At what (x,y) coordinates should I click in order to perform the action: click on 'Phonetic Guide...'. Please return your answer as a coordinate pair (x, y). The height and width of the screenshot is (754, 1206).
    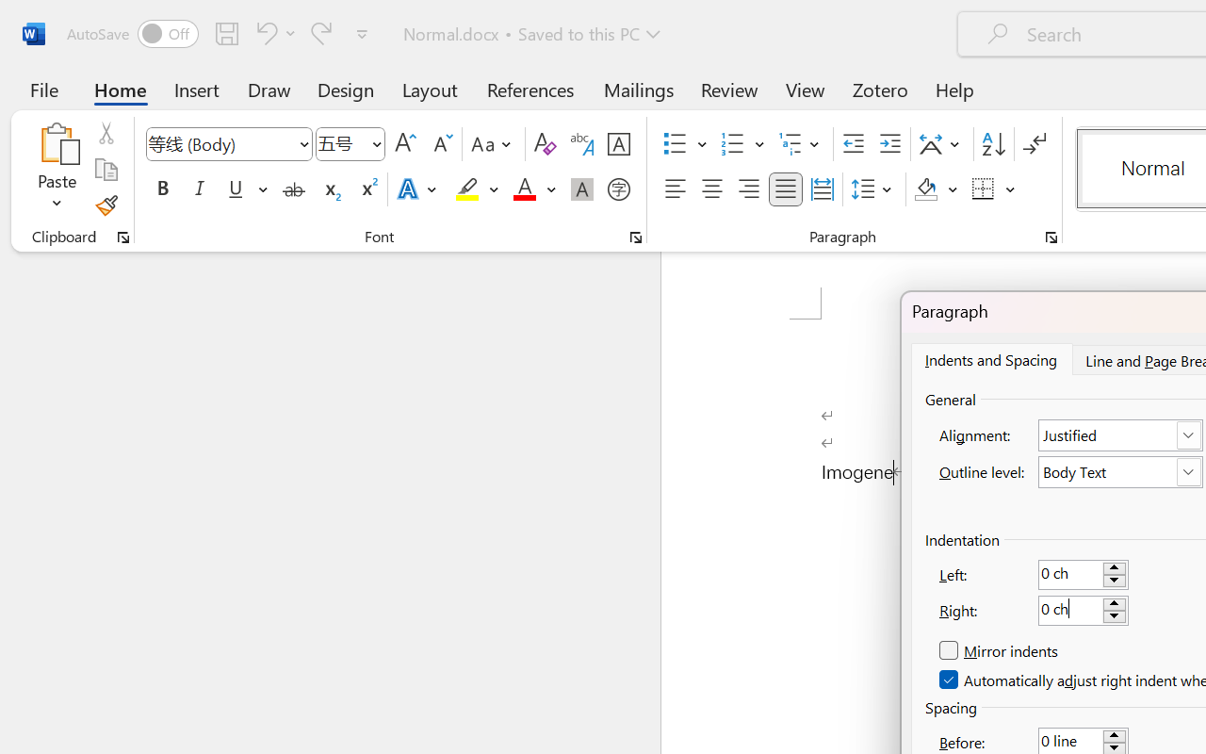
    Looking at the image, I should click on (581, 144).